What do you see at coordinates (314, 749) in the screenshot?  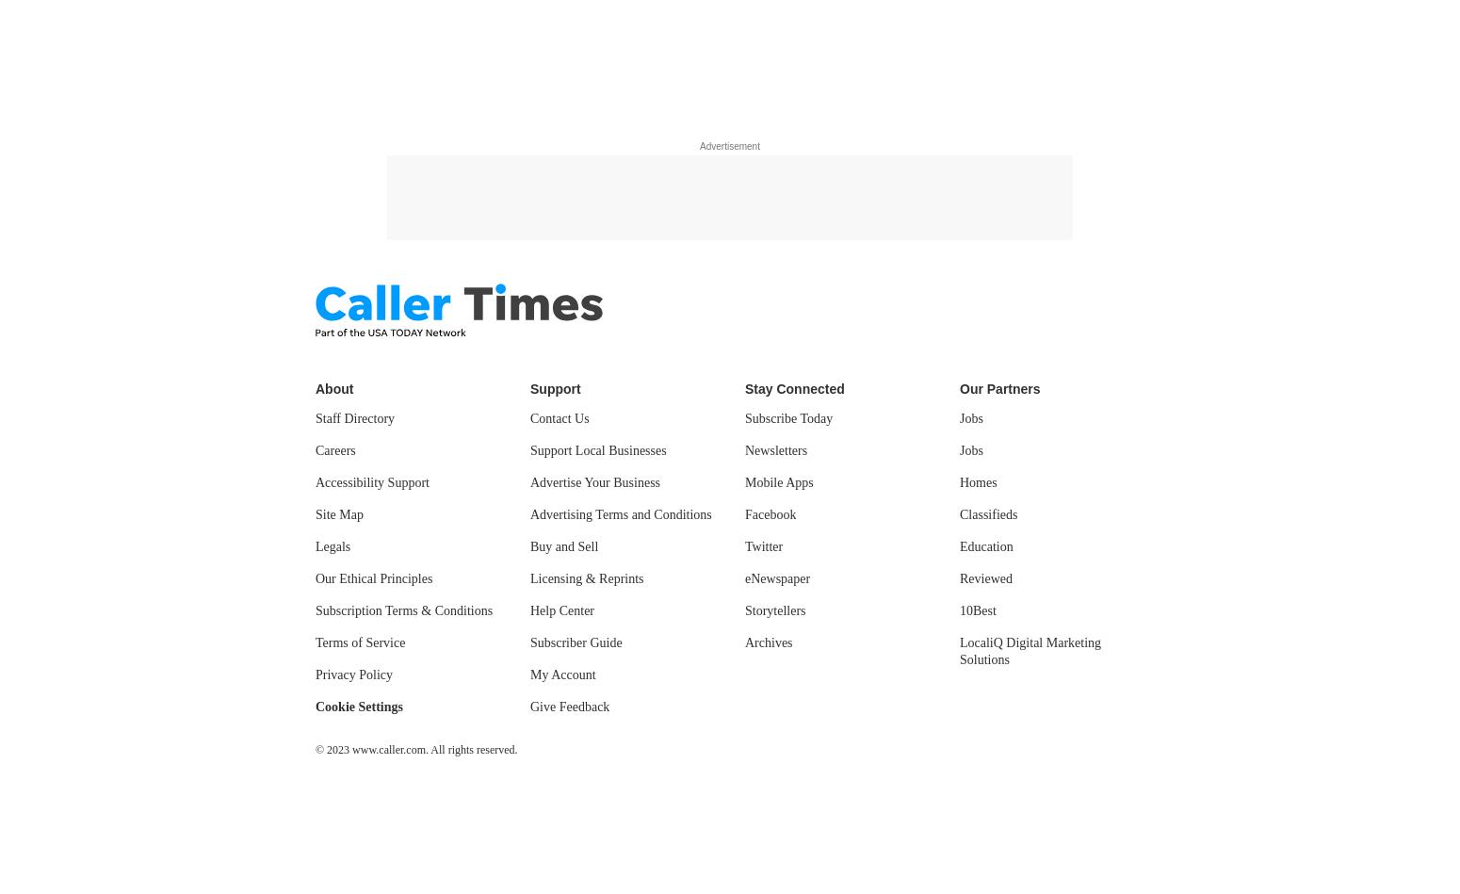 I see `'© 2023 www.caller.com. All rights reserved.'` at bounding box center [314, 749].